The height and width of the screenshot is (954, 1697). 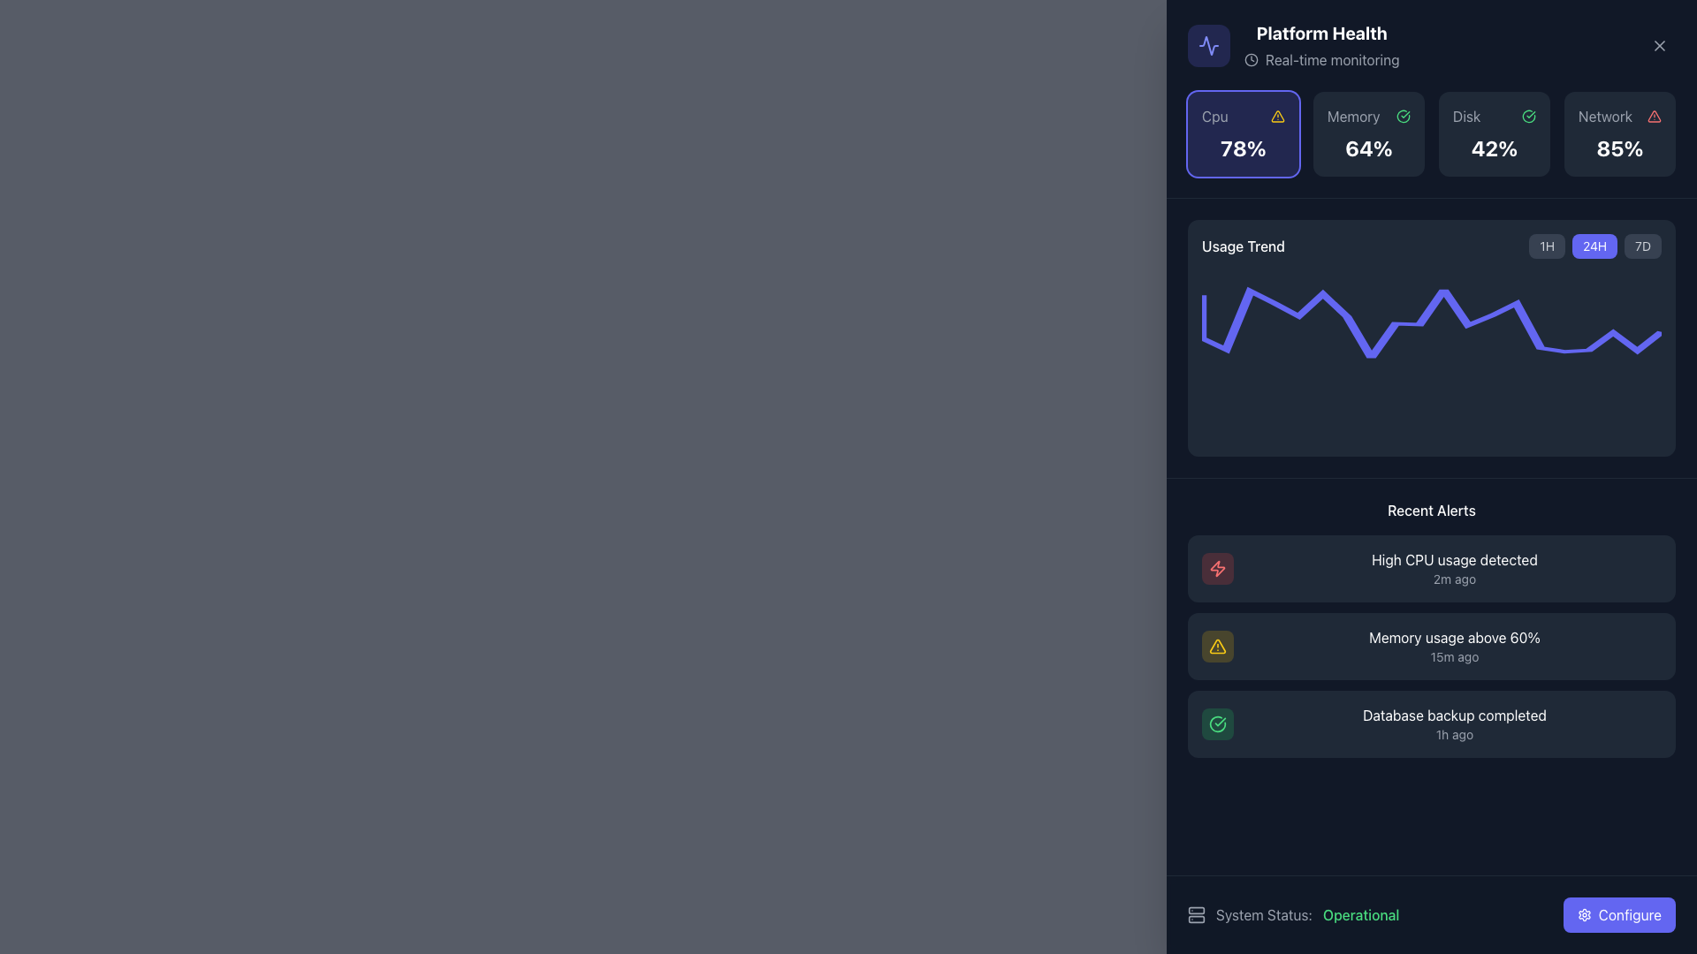 What do you see at coordinates (1242, 132) in the screenshot?
I see `the informational card with a semi-transparent indigo background that displays 'Cpu' in the top left corner and '78%' at the bottom center` at bounding box center [1242, 132].